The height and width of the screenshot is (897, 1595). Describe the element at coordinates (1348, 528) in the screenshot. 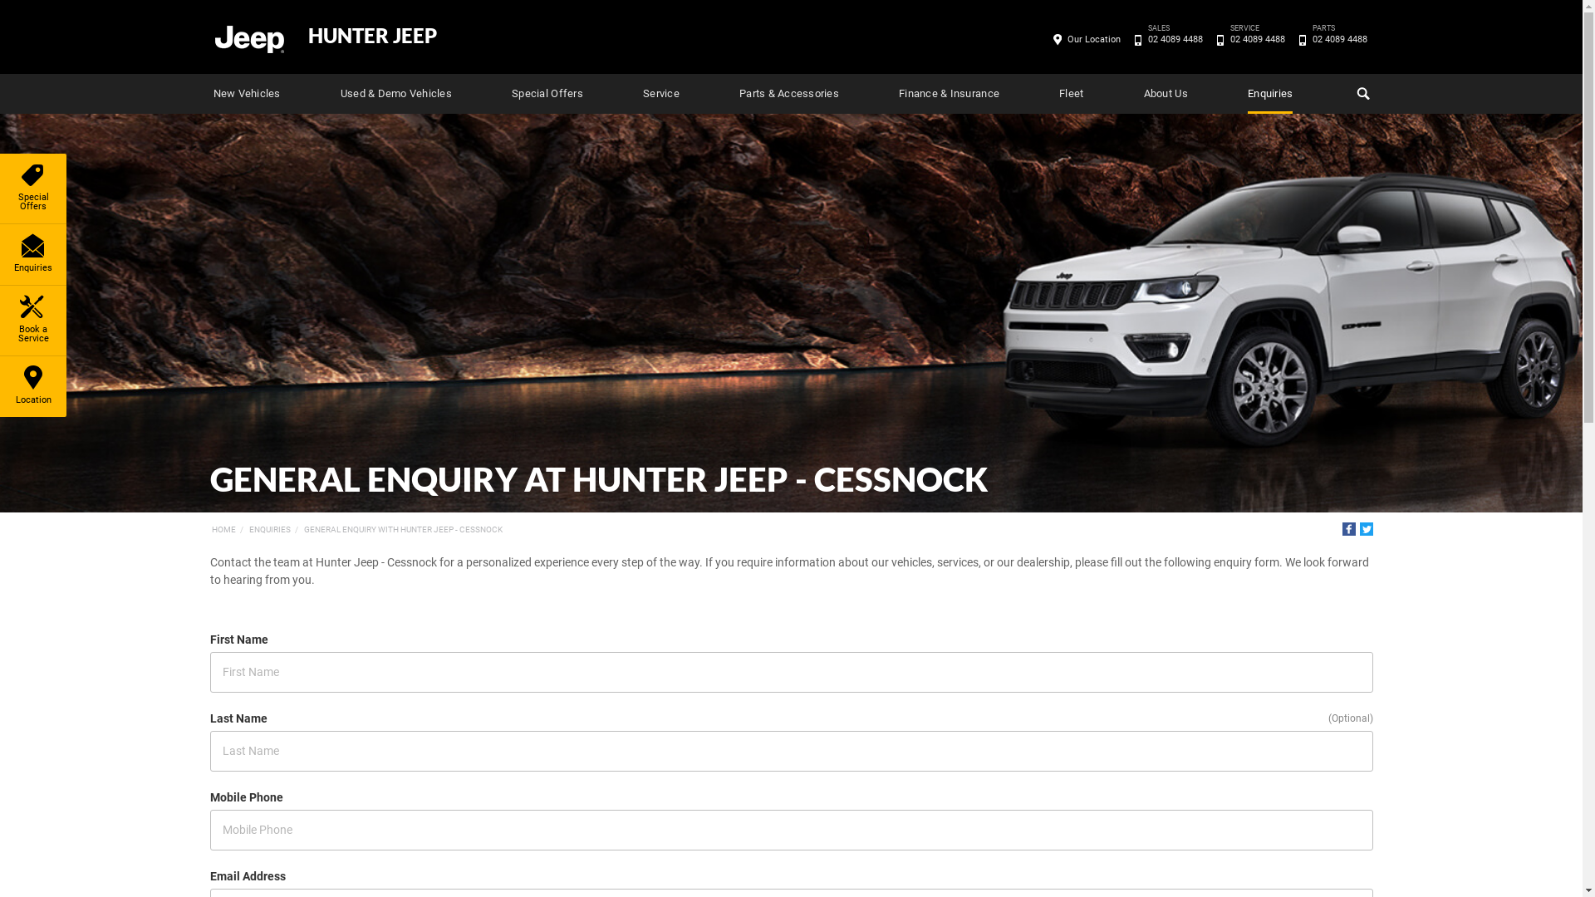

I see `'Facebook'` at that location.